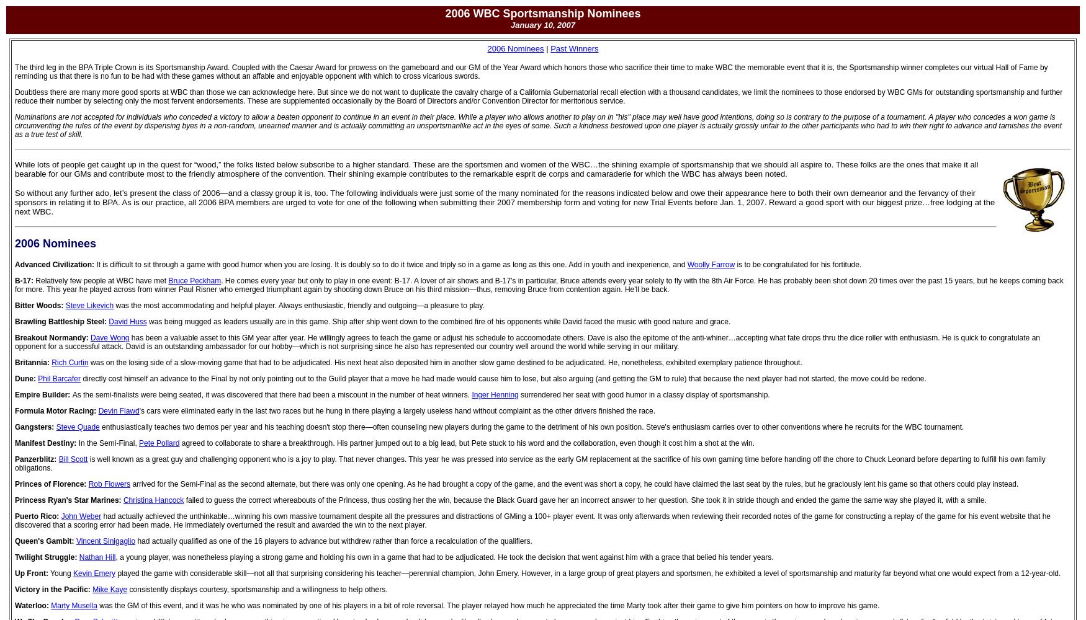 This screenshot has width=1086, height=620. I want to click on 'Marty Musella', so click(74, 605).